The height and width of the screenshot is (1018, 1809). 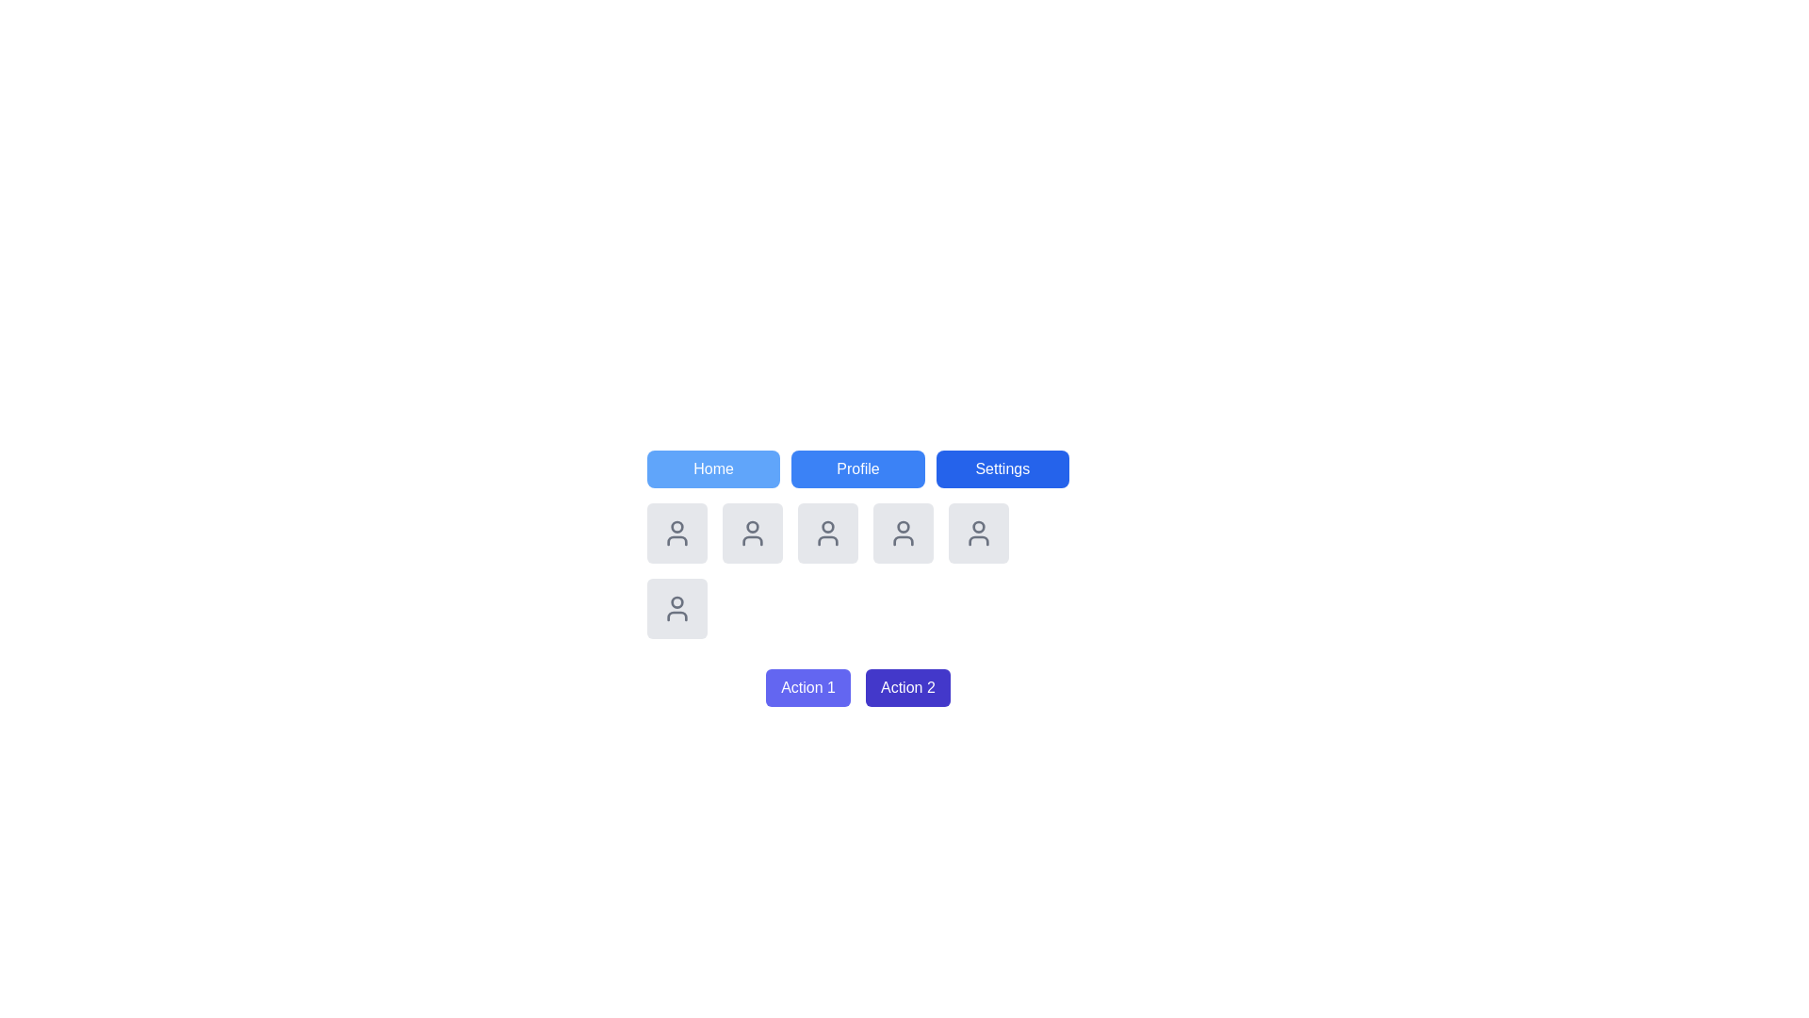 What do you see at coordinates (903, 541) in the screenshot?
I see `the user profile icon, which is an outline of a person located in the middle column of the second row of icons, distinguished by its light gray background` at bounding box center [903, 541].